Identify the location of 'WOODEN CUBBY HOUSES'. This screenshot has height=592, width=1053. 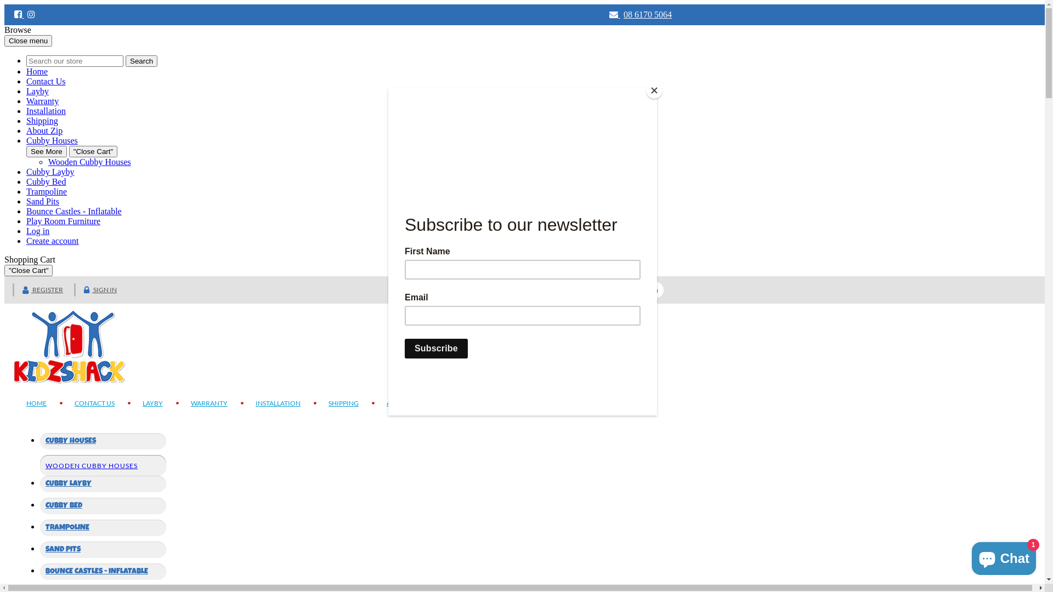
(92, 465).